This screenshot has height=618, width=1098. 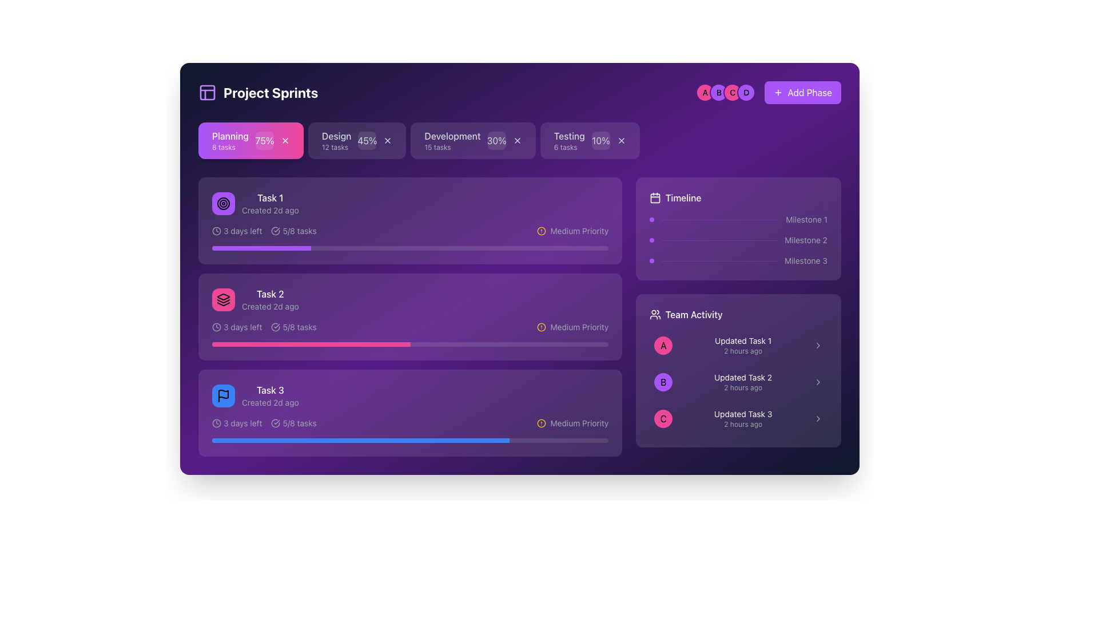 I want to click on the text label for 'Task 1', so click(x=269, y=197).